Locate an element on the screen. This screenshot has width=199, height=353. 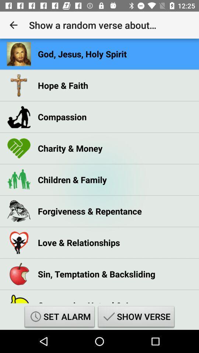
the app next to the show a random app is located at coordinates (13, 25).